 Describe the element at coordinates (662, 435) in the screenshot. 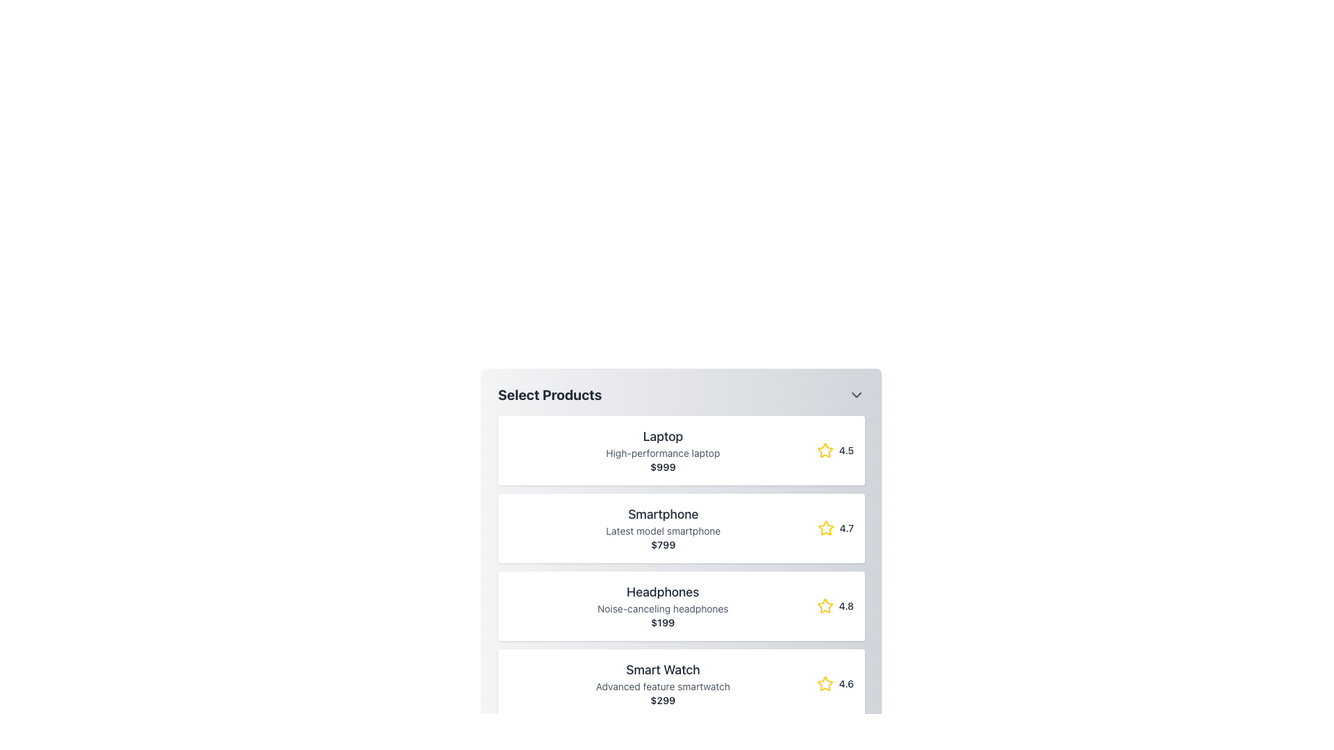

I see `the label that identifies the product in the first product card, located at the top center of the product list item` at that location.